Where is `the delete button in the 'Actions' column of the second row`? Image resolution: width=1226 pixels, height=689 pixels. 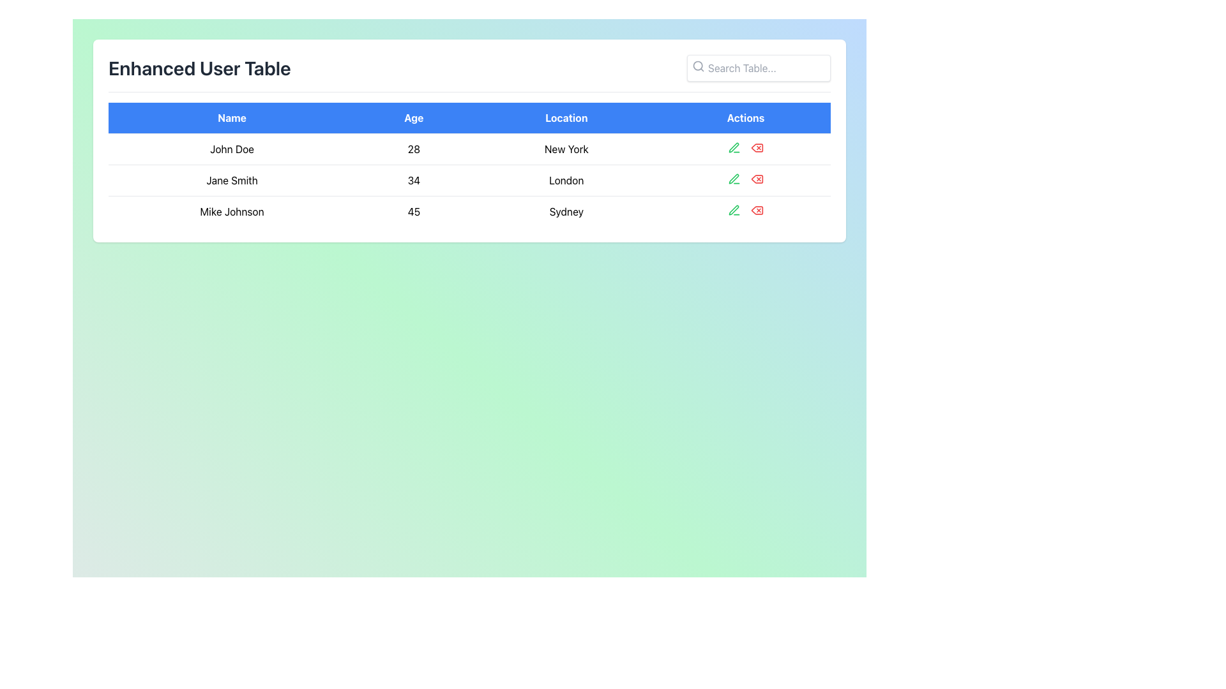 the delete button in the 'Actions' column of the second row is located at coordinates (757, 179).